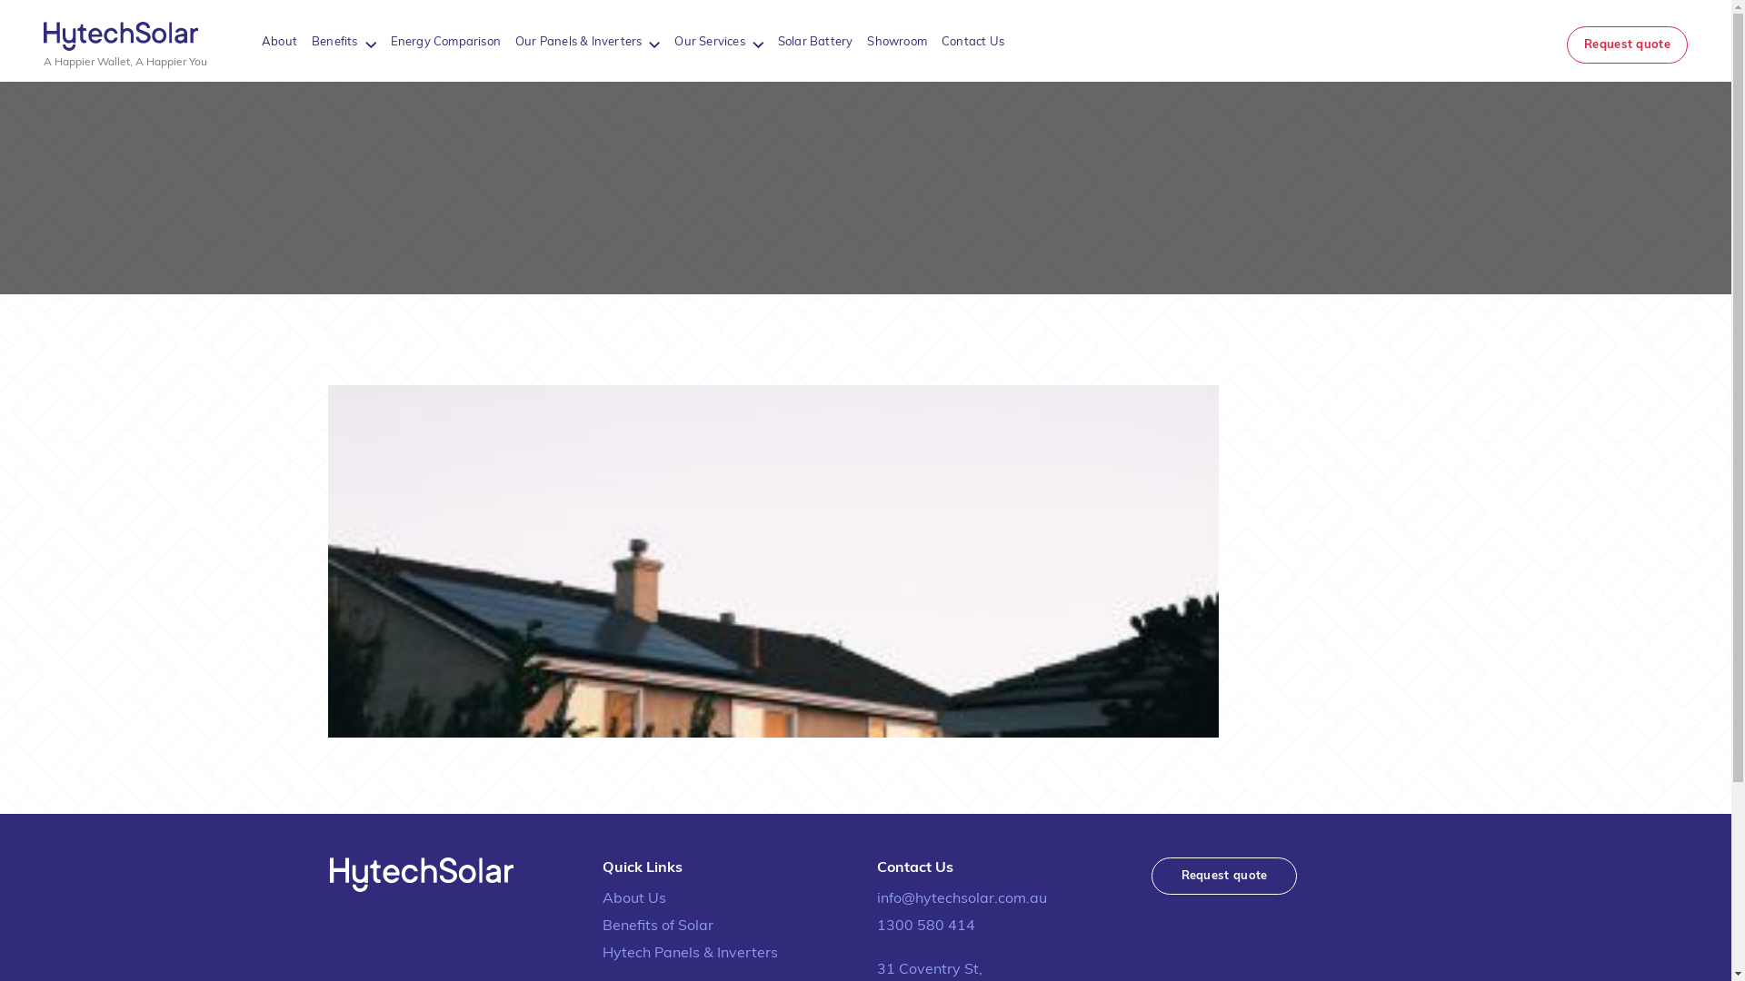  What do you see at coordinates (728, 926) in the screenshot?
I see `'Benefits of Solar'` at bounding box center [728, 926].